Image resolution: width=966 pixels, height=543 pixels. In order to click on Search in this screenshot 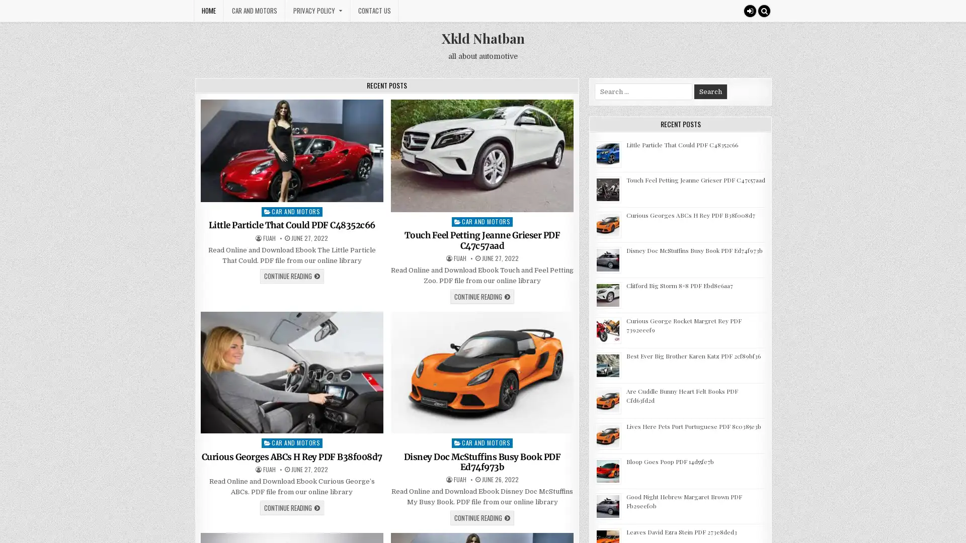, I will do `click(710, 92)`.